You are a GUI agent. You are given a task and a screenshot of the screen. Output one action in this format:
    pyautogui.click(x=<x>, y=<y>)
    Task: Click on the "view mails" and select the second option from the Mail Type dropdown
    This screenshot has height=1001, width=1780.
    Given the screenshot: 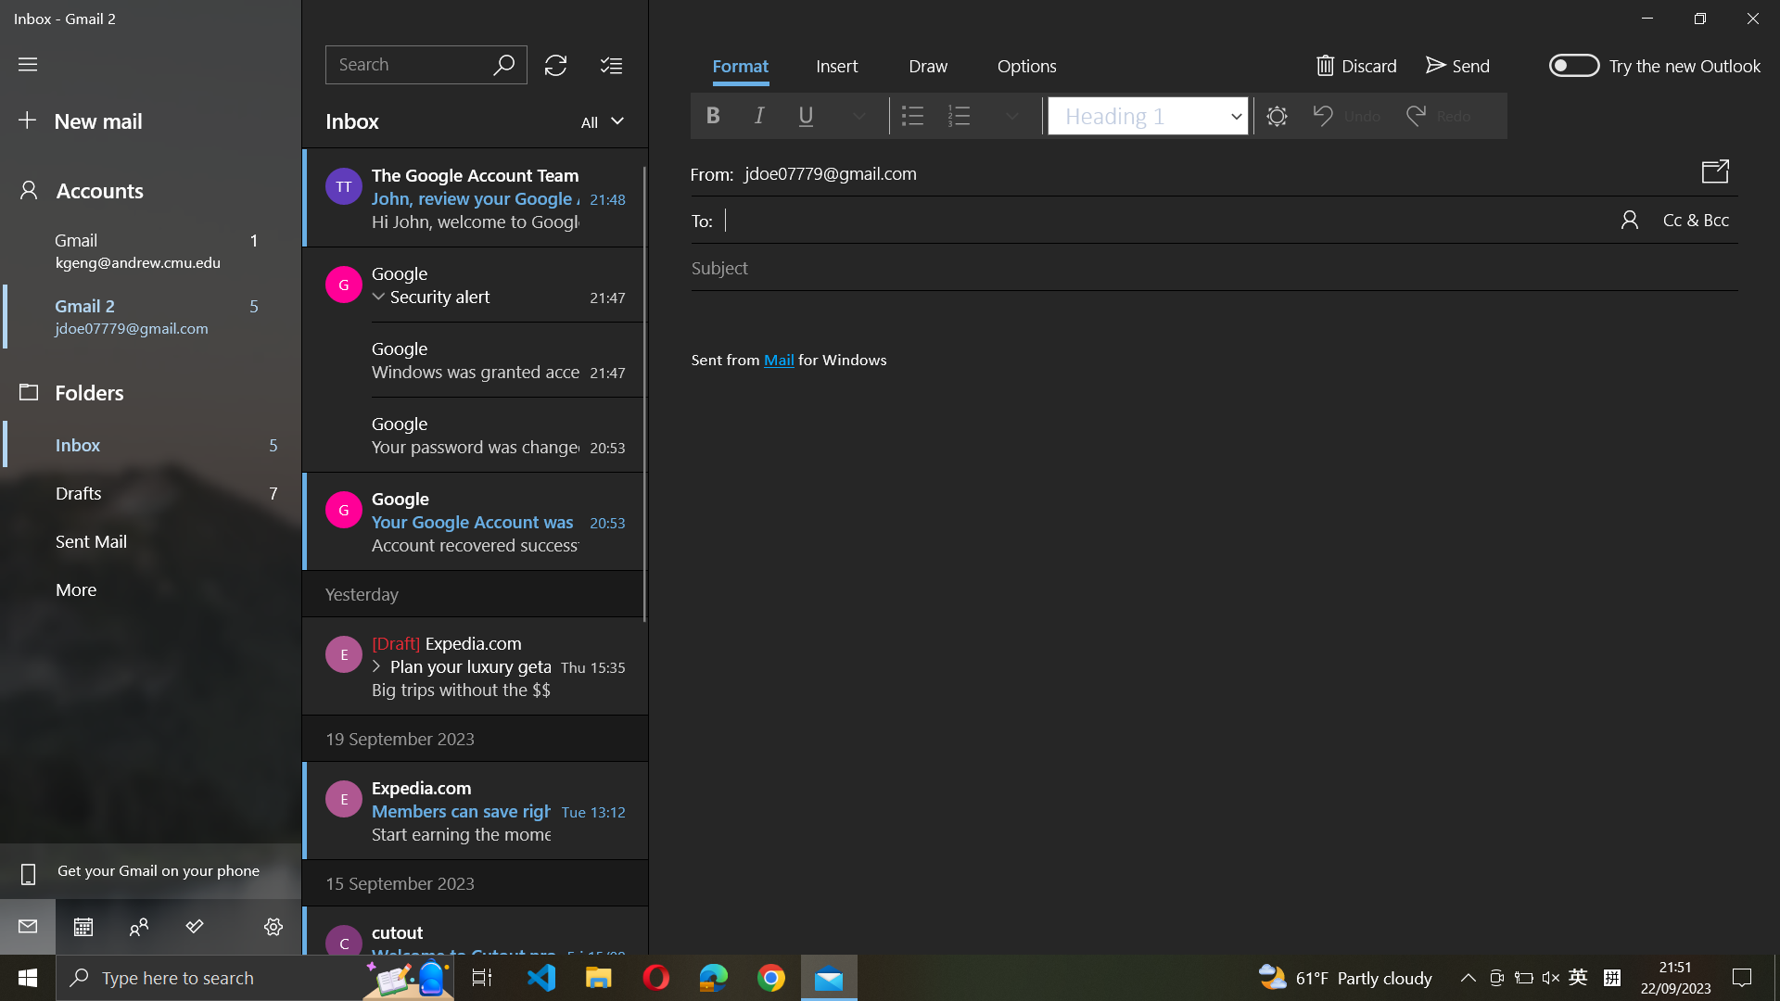 What is the action you would take?
    pyautogui.click(x=599, y=120)
    